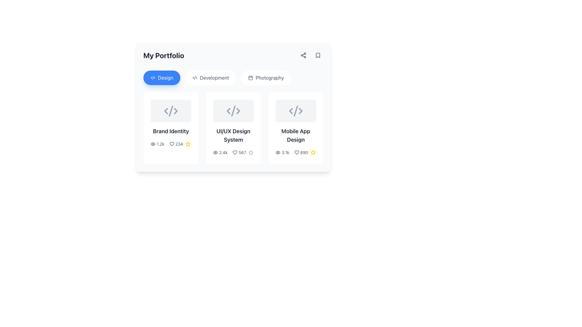 Image resolution: width=582 pixels, height=327 pixels. I want to click on the eye icon with the text '3.1k' in the first item of the horizontal layout within the third card of the 'Mobile App Design' portfolio section, so click(282, 152).